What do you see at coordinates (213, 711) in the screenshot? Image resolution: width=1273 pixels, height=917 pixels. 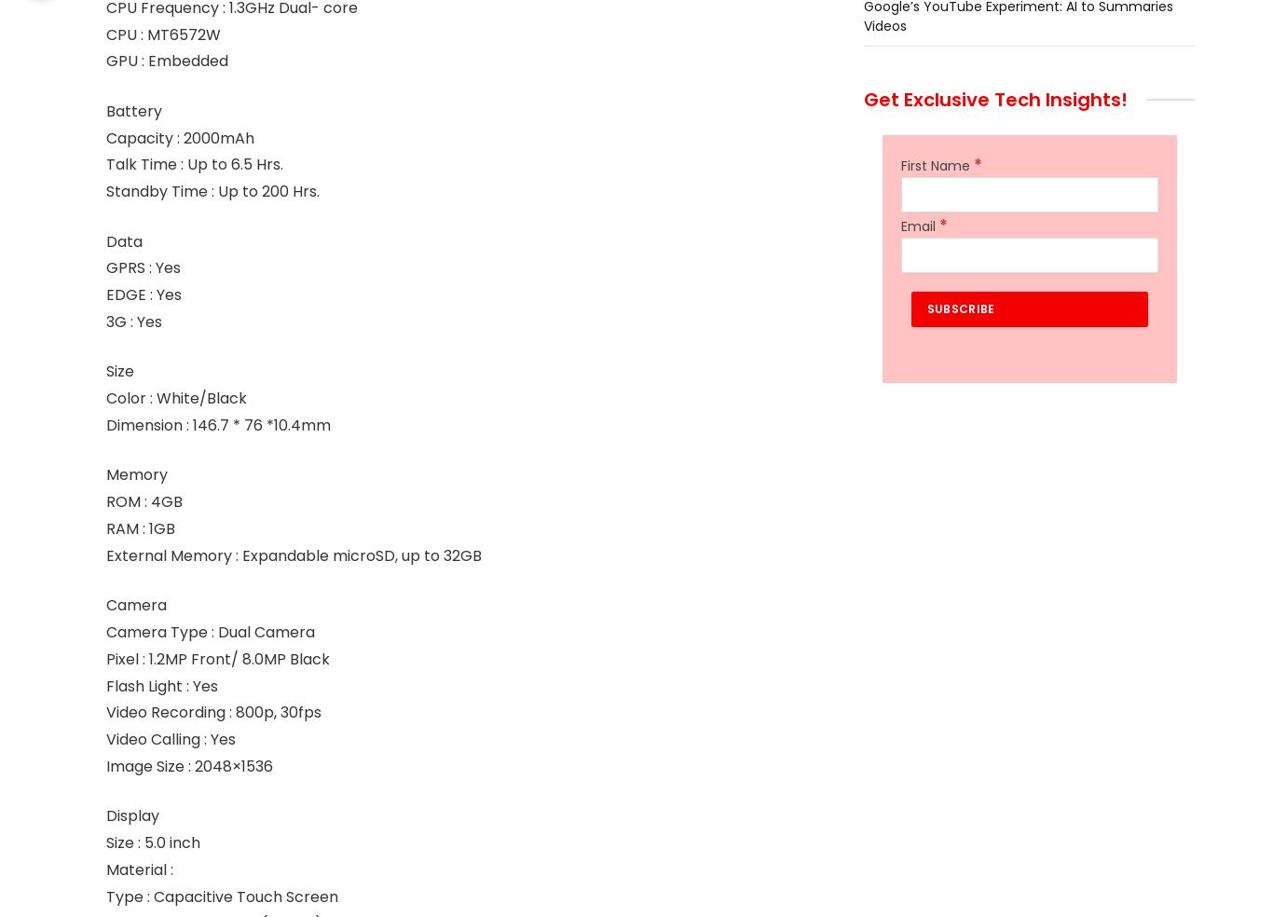 I see `'Video Recording : 800p, 30fps'` at bounding box center [213, 711].